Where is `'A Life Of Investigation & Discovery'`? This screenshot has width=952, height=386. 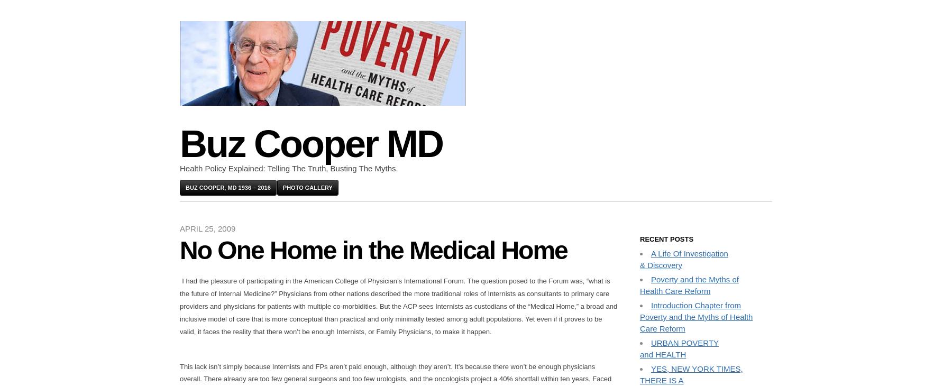 'A Life Of Investigation & Discovery' is located at coordinates (639, 259).